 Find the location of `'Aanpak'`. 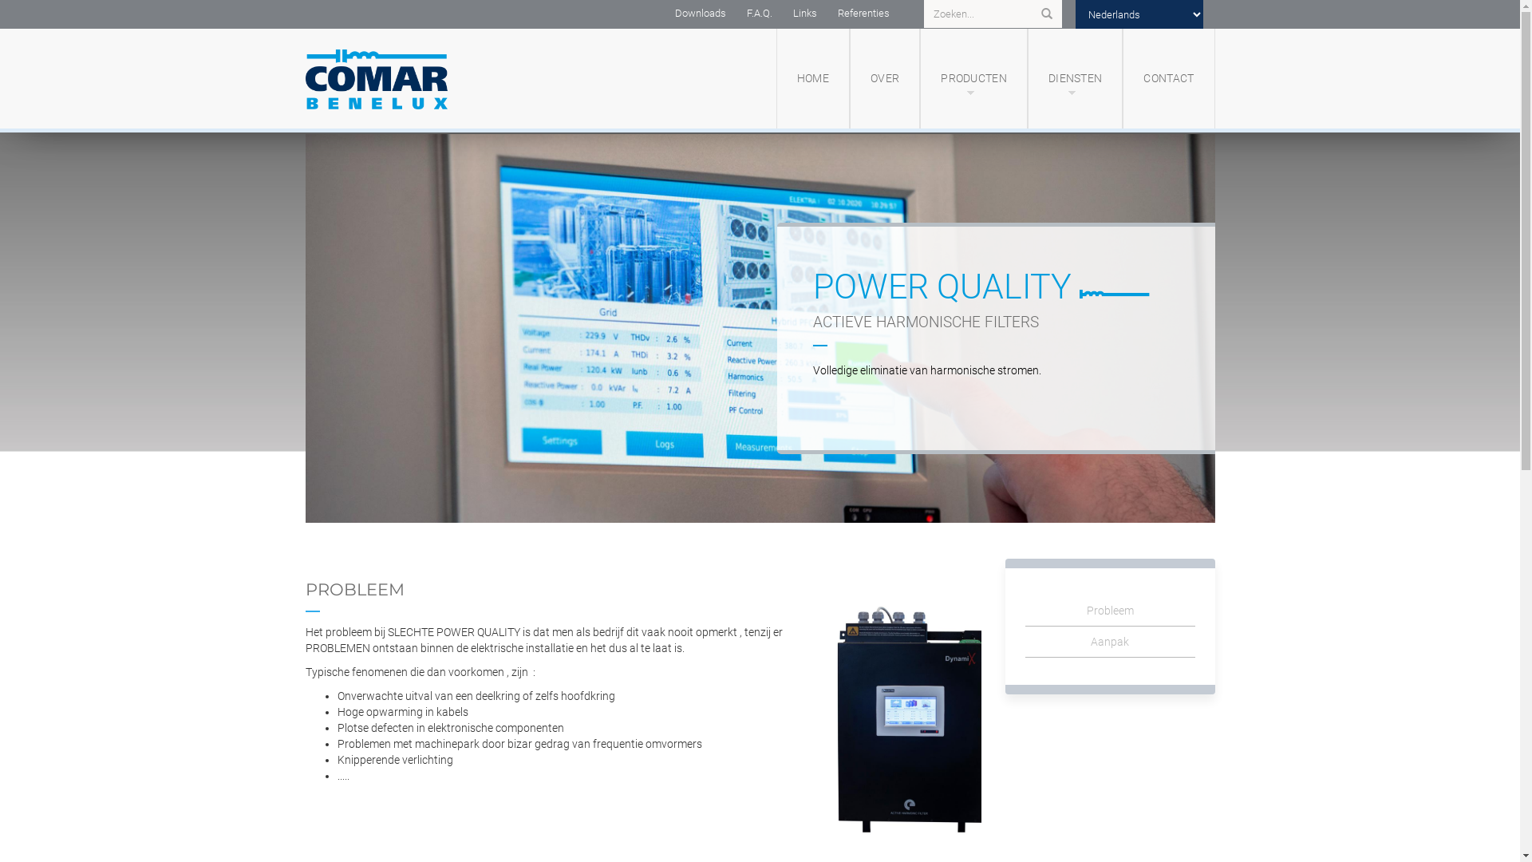

'Aanpak' is located at coordinates (1109, 641).